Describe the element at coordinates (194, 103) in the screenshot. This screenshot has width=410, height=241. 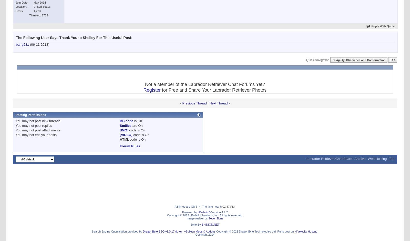
I see `'Previous Thread'` at that location.